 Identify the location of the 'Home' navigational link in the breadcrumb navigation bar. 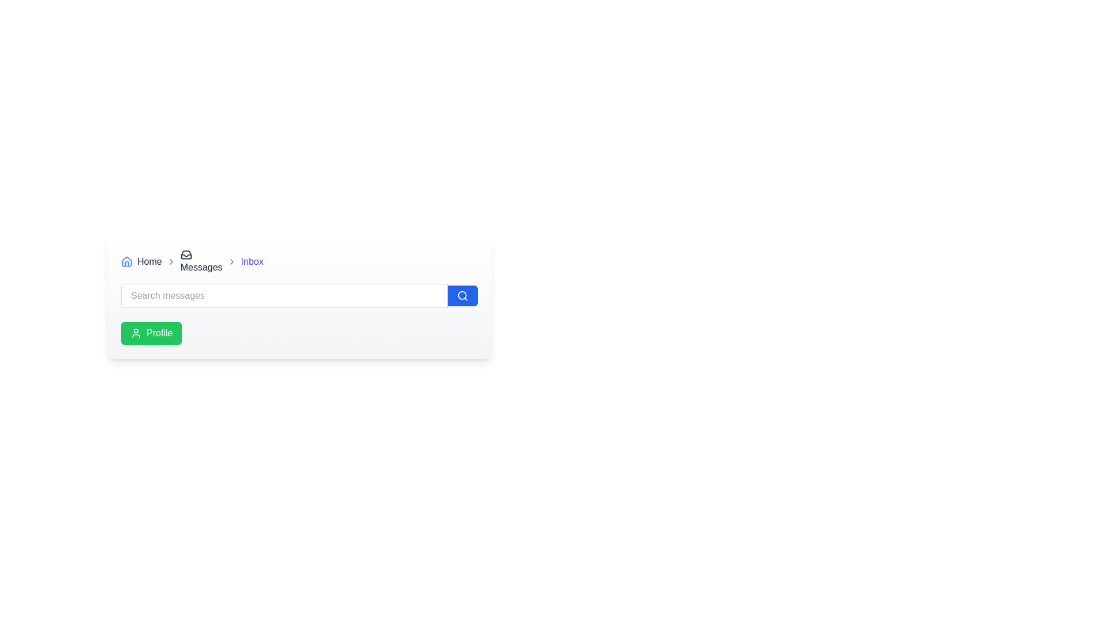
(141, 262).